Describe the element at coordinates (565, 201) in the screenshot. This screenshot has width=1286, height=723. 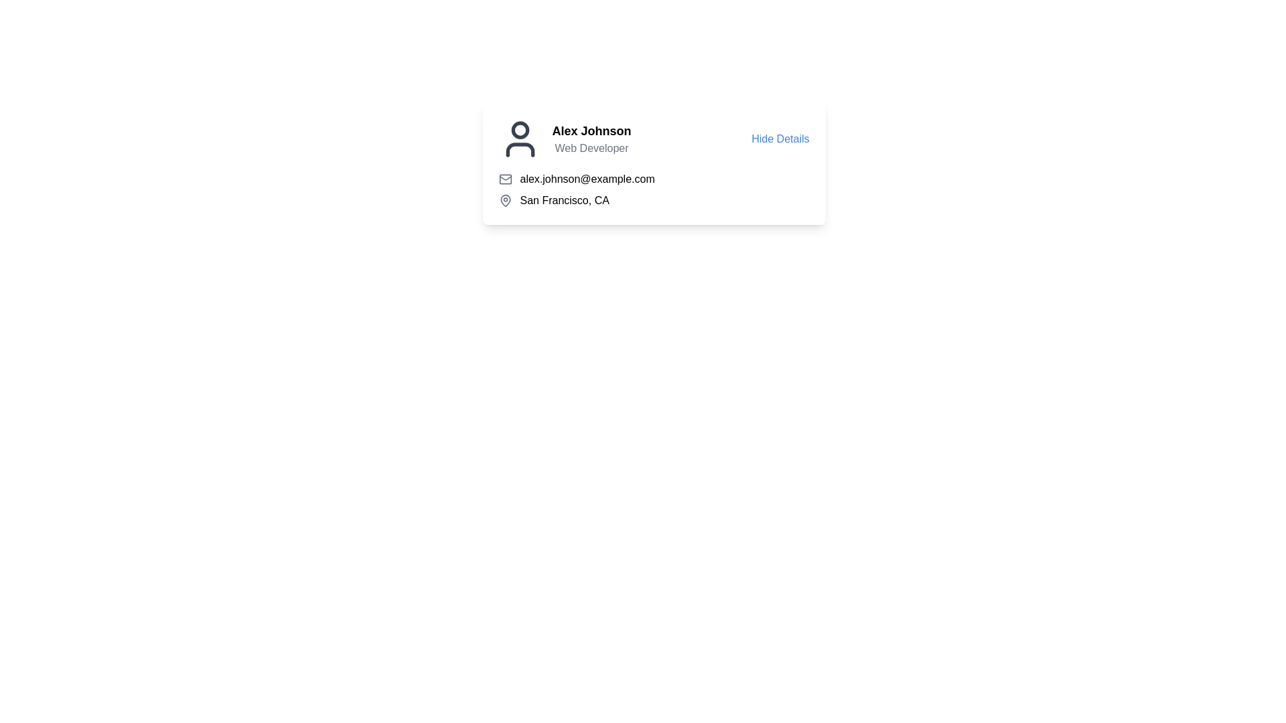
I see `the text label that represents the user's location, which is positioned to the immediate right of the location pin icon in the bottom section of the user information card for potential interaction` at that location.